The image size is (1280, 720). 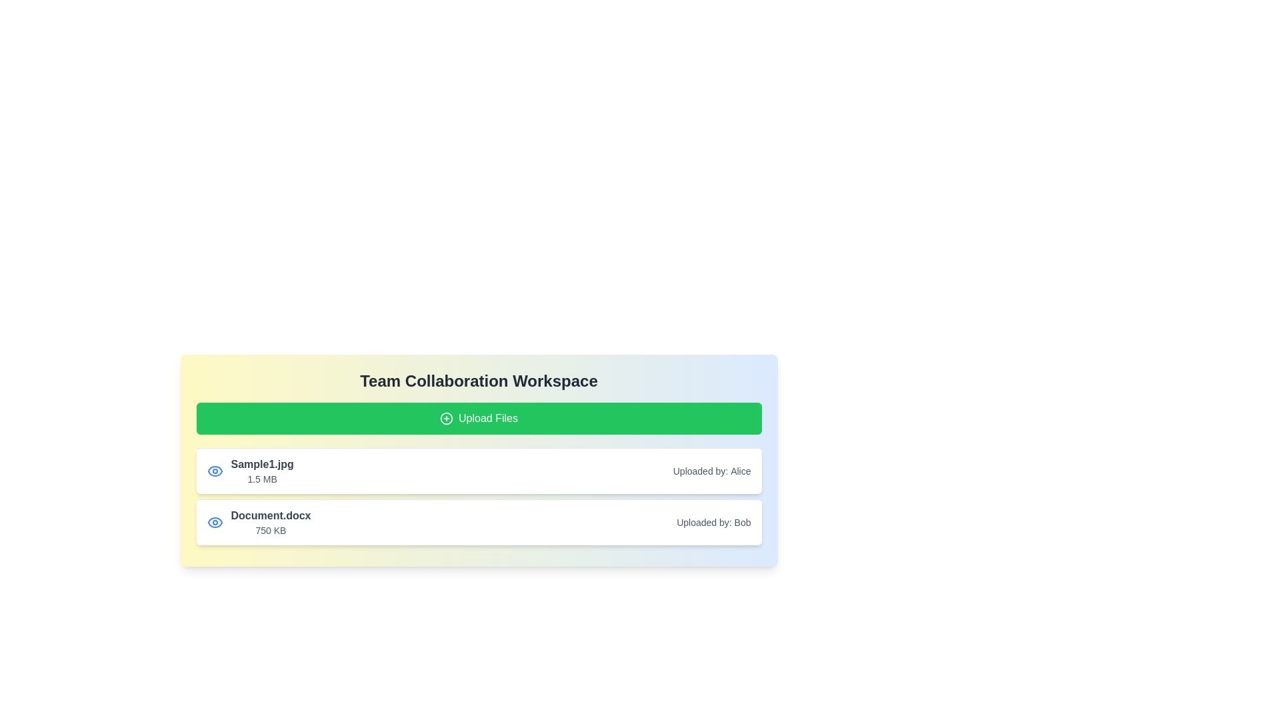 I want to click on the innermost circular shape inside the '+' icon, which is used for adding new items, located to the left of the 'Upload Files' label, so click(x=447, y=418).